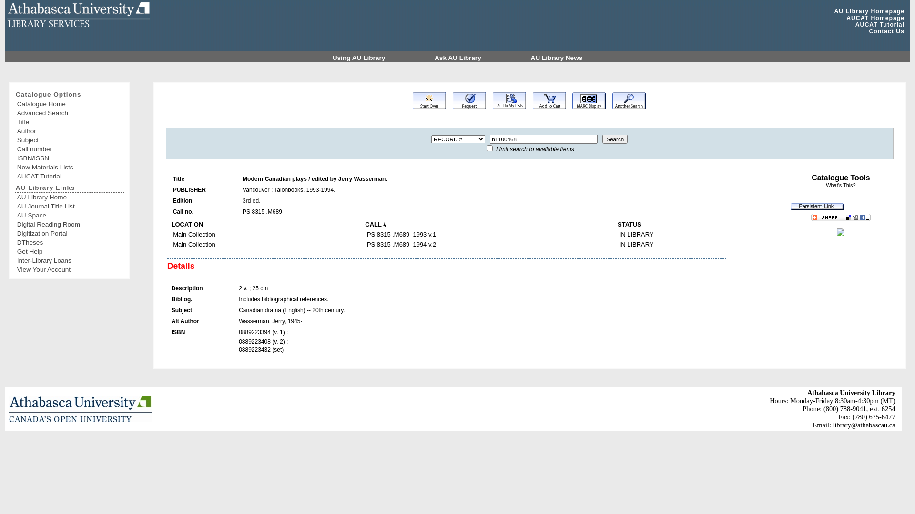 This screenshot has height=514, width=915. What do you see at coordinates (70, 260) in the screenshot?
I see `'Inter-Library Loans'` at bounding box center [70, 260].